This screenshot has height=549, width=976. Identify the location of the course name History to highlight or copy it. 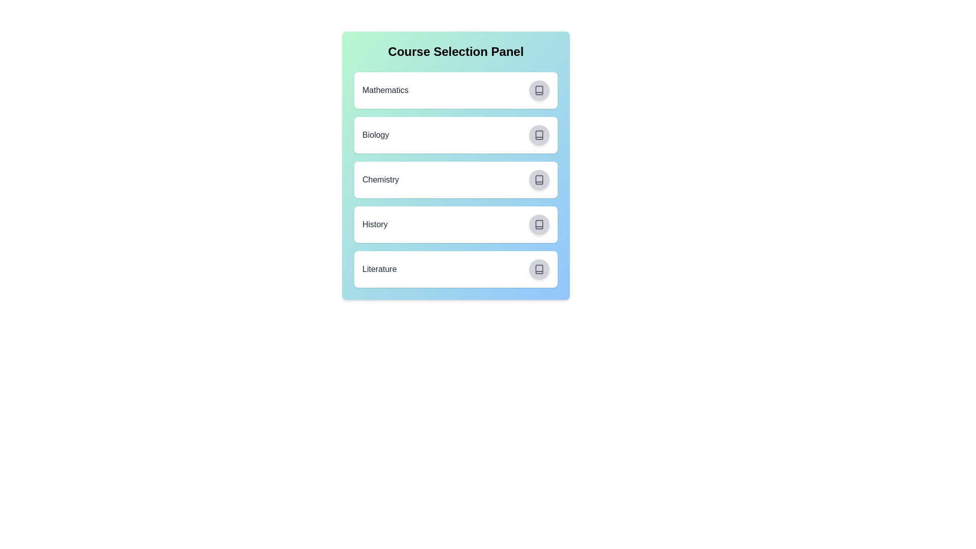
(374, 224).